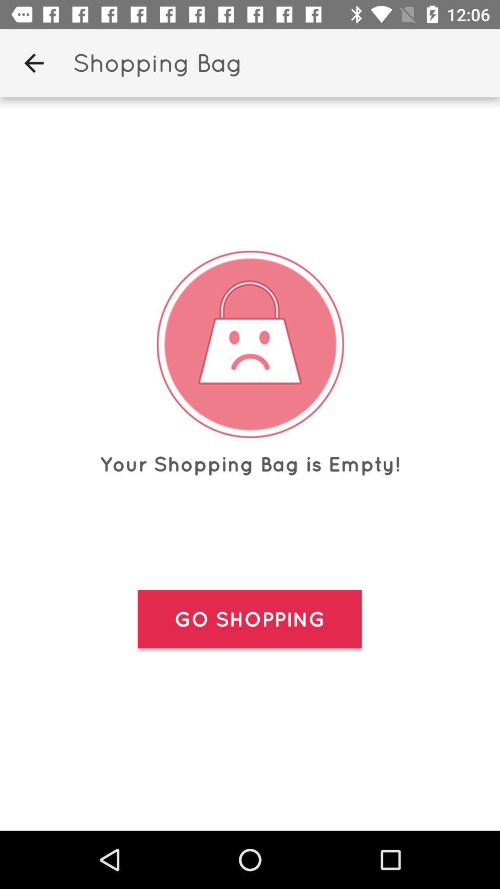 This screenshot has height=889, width=500. What do you see at coordinates (249, 619) in the screenshot?
I see `icon below your shopping bag` at bounding box center [249, 619].